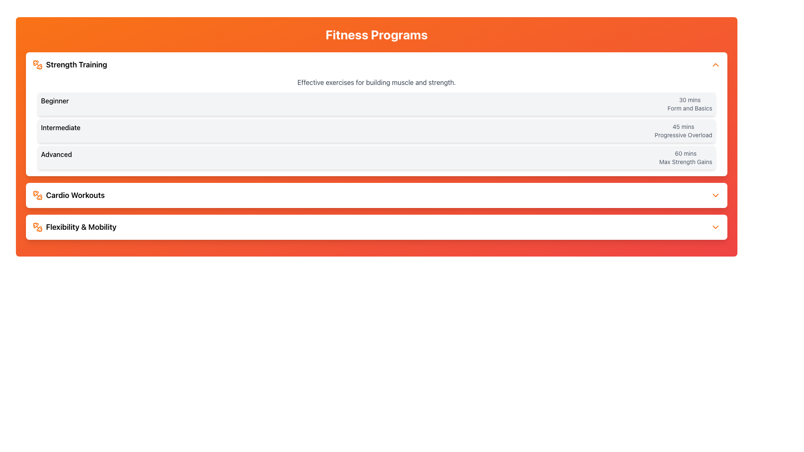 The width and height of the screenshot is (804, 452). What do you see at coordinates (683, 127) in the screenshot?
I see `the text label displaying '45 mins' located in the 'Intermediate' subsection under 'Strength Training', positioned above 'Progressive Overload'` at bounding box center [683, 127].